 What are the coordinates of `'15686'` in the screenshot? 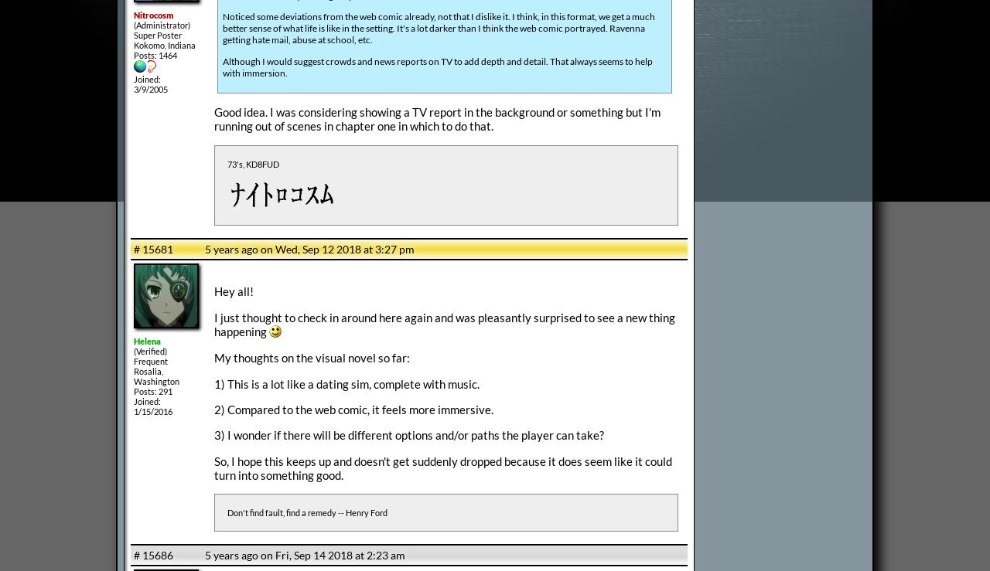 It's located at (158, 555).